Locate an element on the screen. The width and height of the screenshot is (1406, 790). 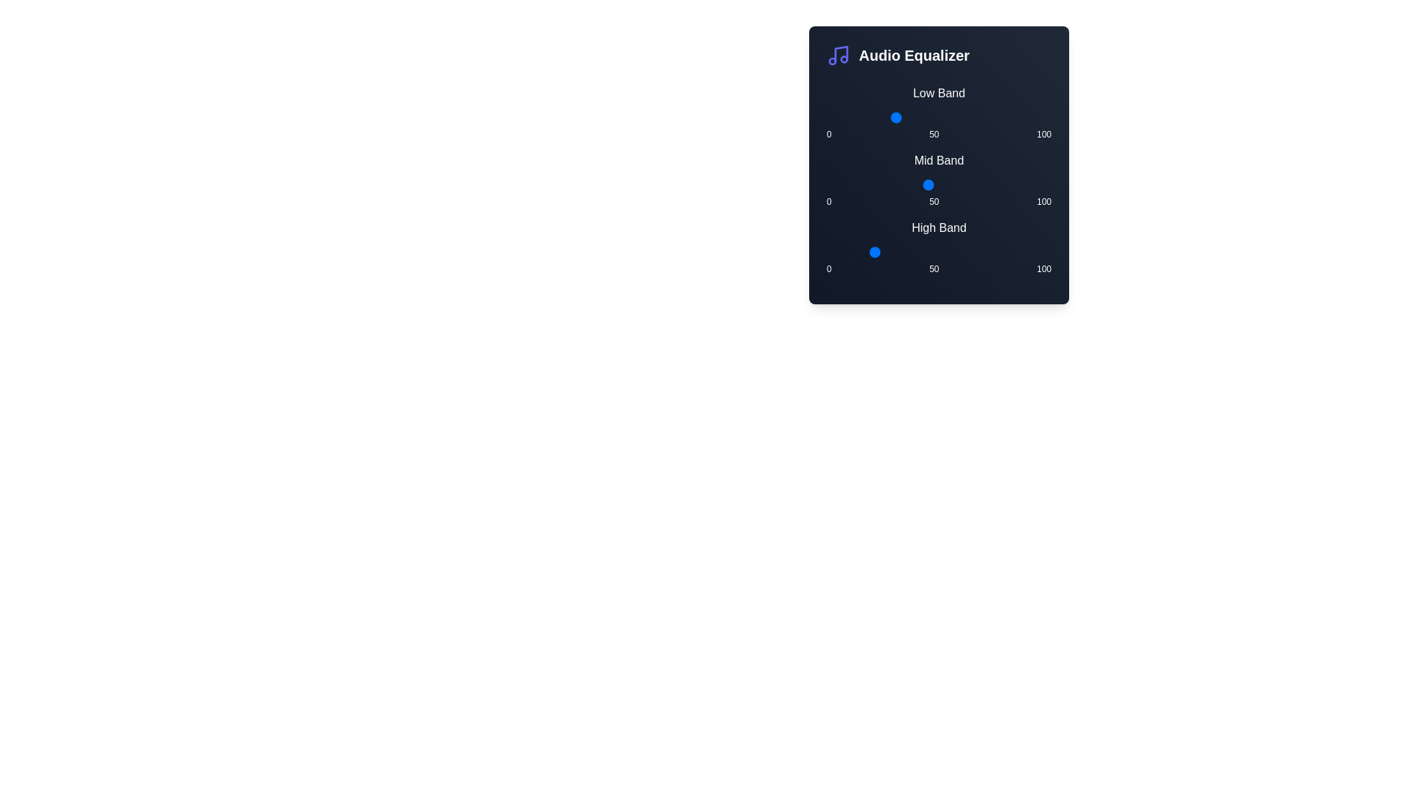
the Low Band slider to set its value to 41 is located at coordinates (918, 117).